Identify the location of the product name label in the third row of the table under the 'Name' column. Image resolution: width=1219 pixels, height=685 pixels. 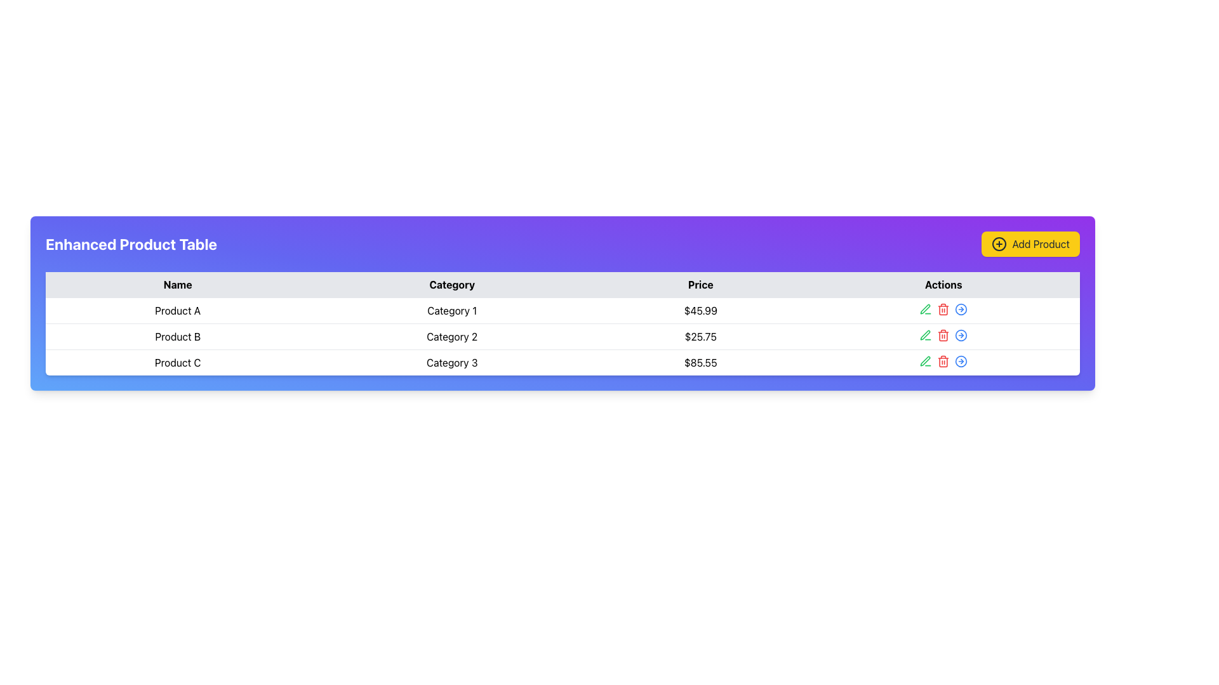
(177, 362).